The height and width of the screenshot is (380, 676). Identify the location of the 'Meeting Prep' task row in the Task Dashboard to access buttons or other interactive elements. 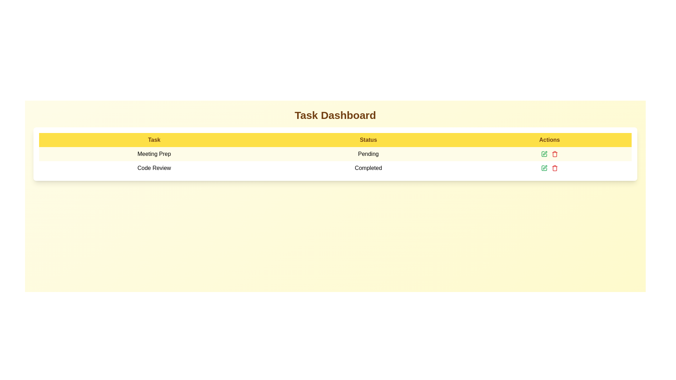
(335, 154).